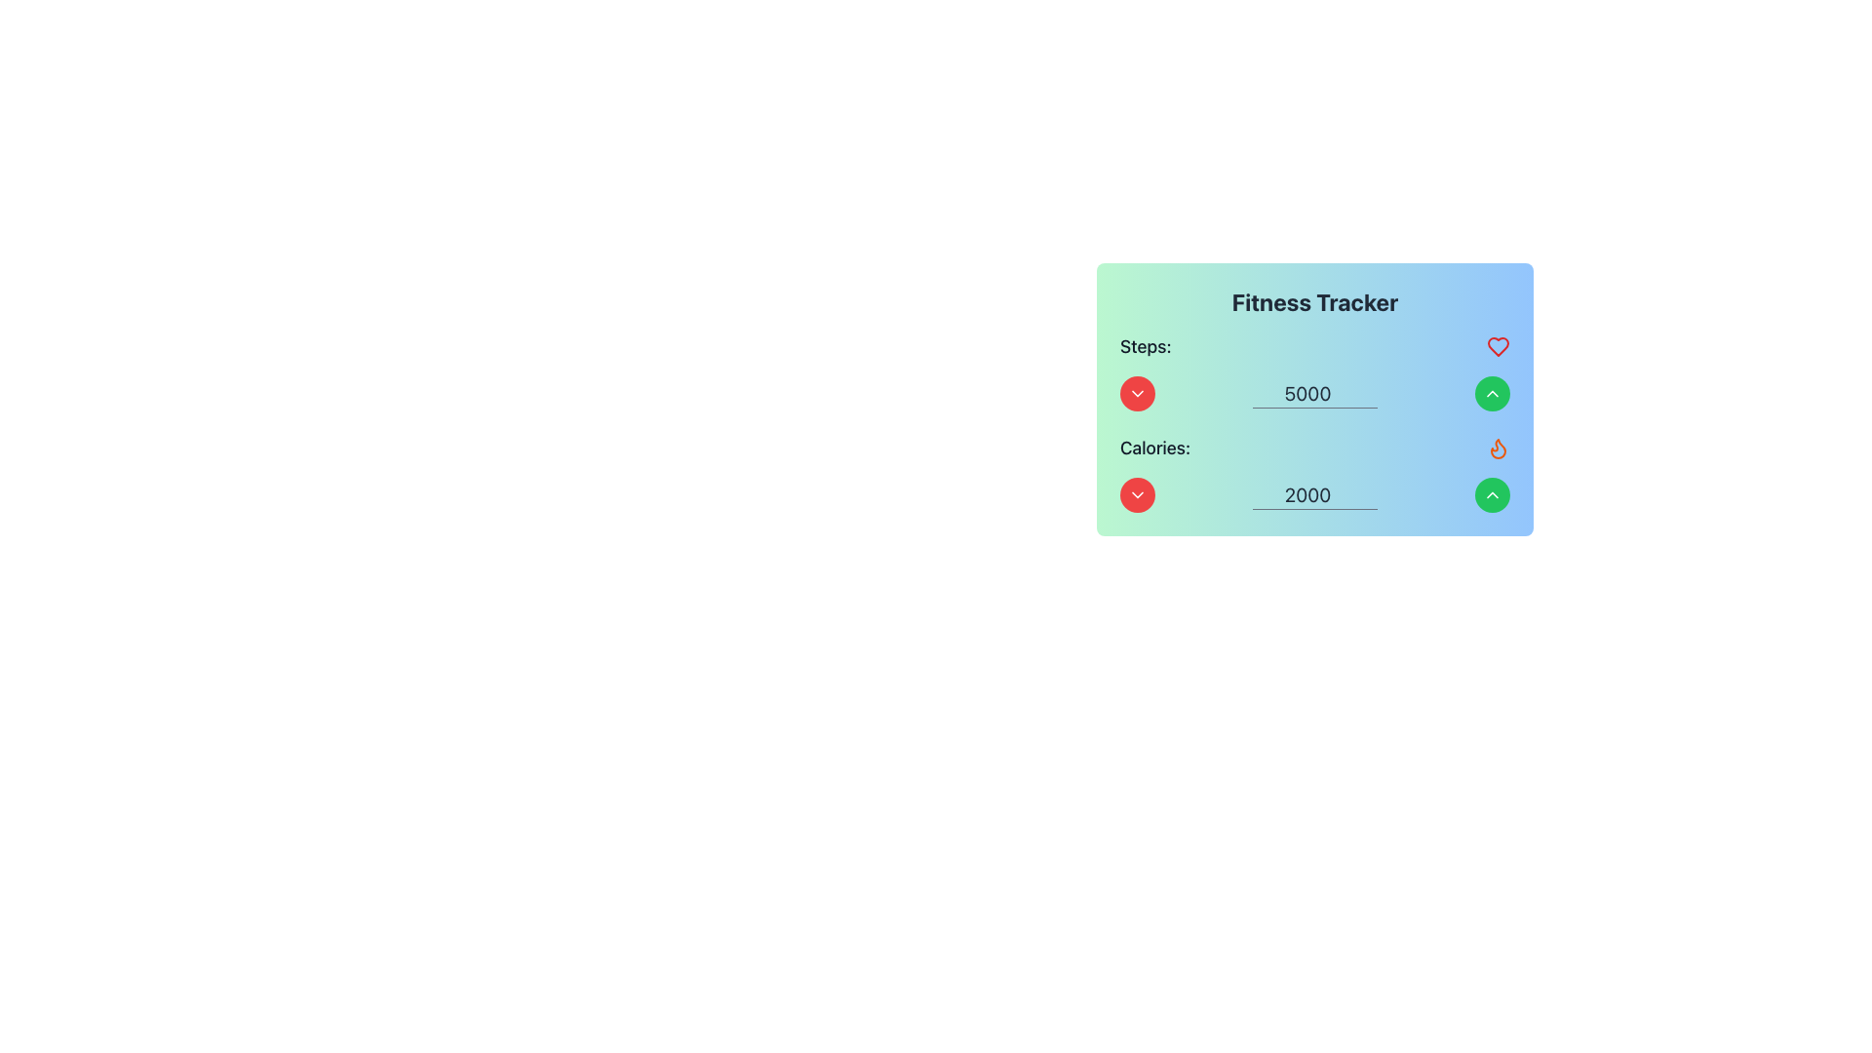 This screenshot has width=1872, height=1053. What do you see at coordinates (1314, 371) in the screenshot?
I see `the input field displaying the number '5000' under the label 'Steps:' in the Fitness Tracker card to edit the value` at bounding box center [1314, 371].